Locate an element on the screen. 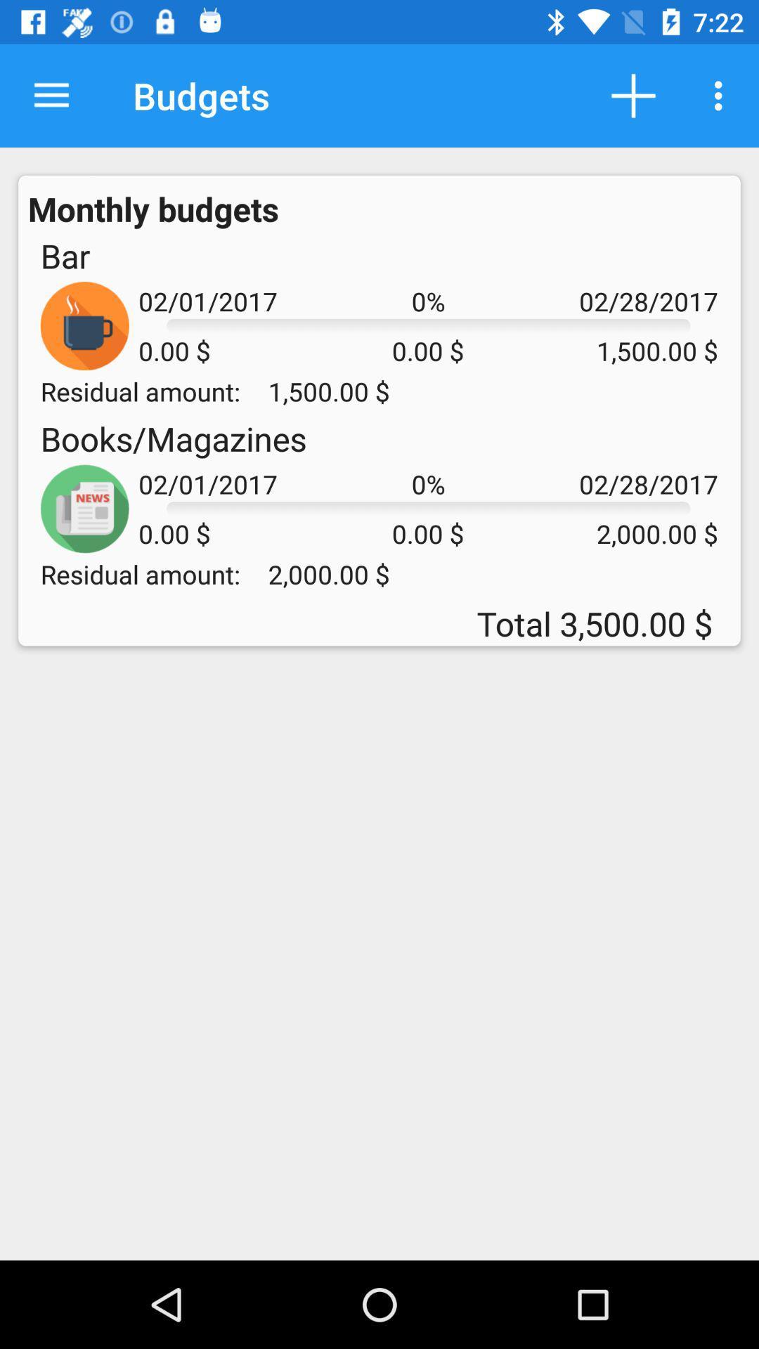 Image resolution: width=759 pixels, height=1349 pixels. item to the left of budgets is located at coordinates (51, 95).